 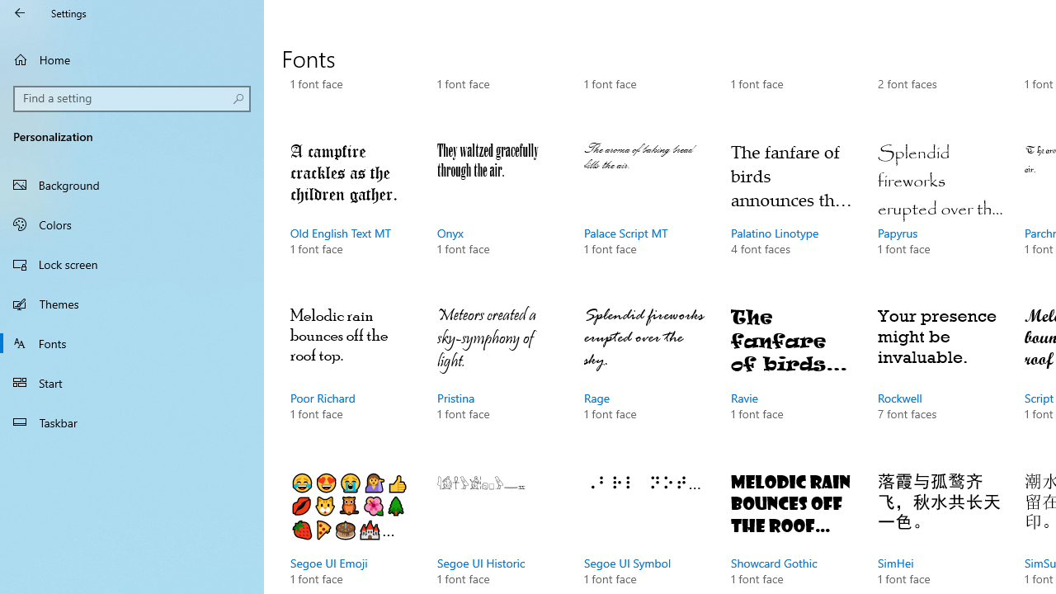 I want to click on 'Start', so click(x=132, y=383).